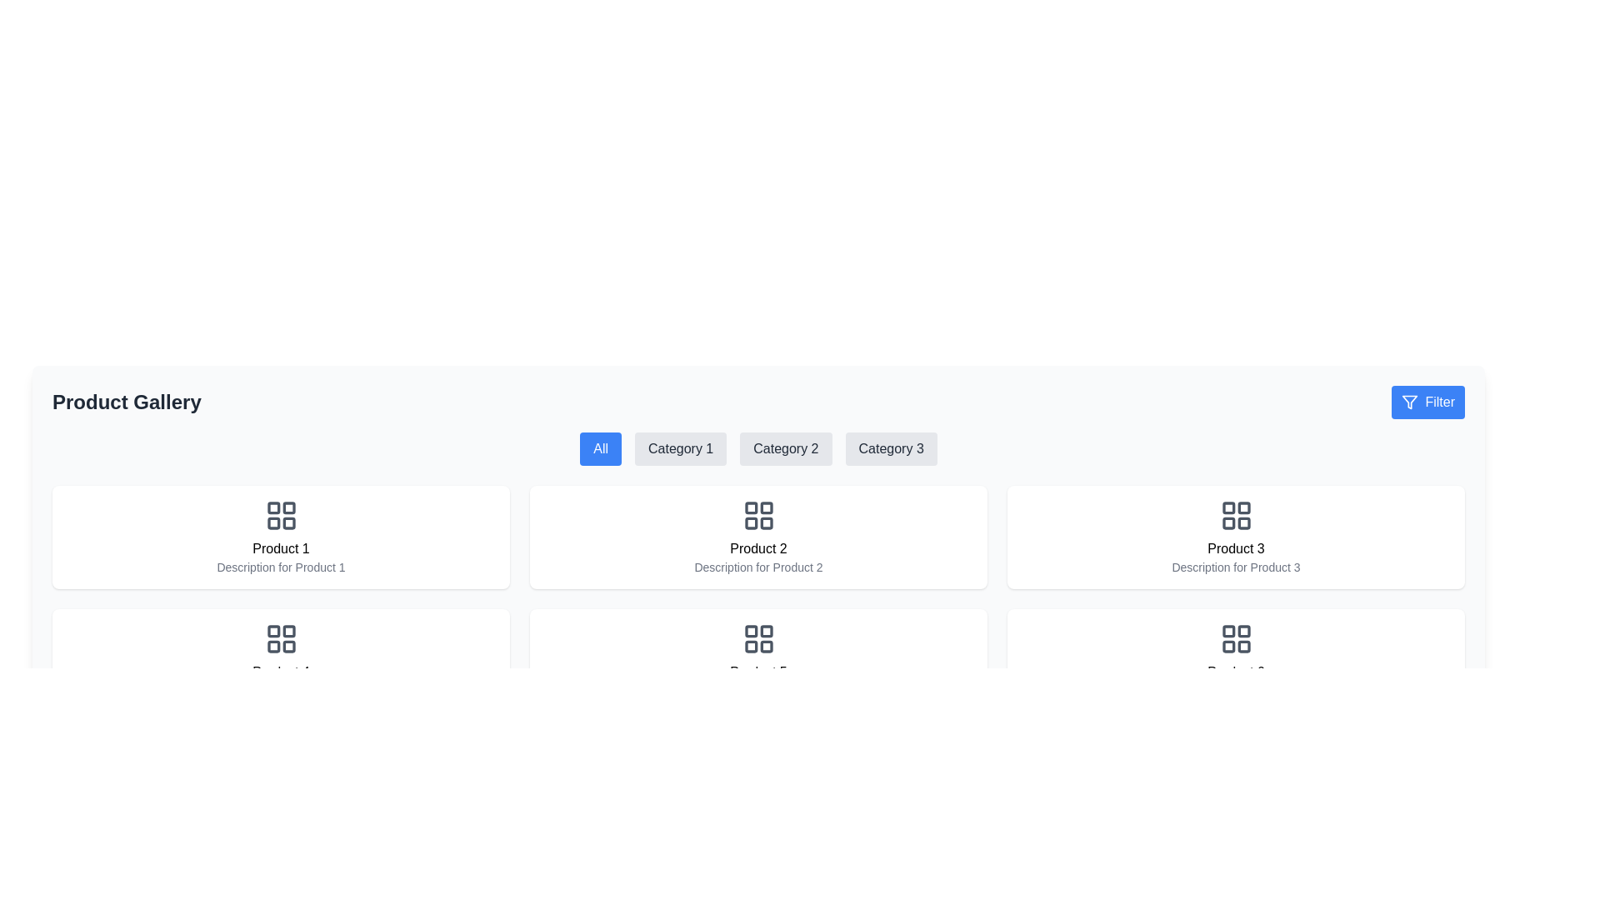 The width and height of the screenshot is (1600, 900). I want to click on the grid icon representing actions related to 'Product 5', located above its description within the card, so click(757, 638).